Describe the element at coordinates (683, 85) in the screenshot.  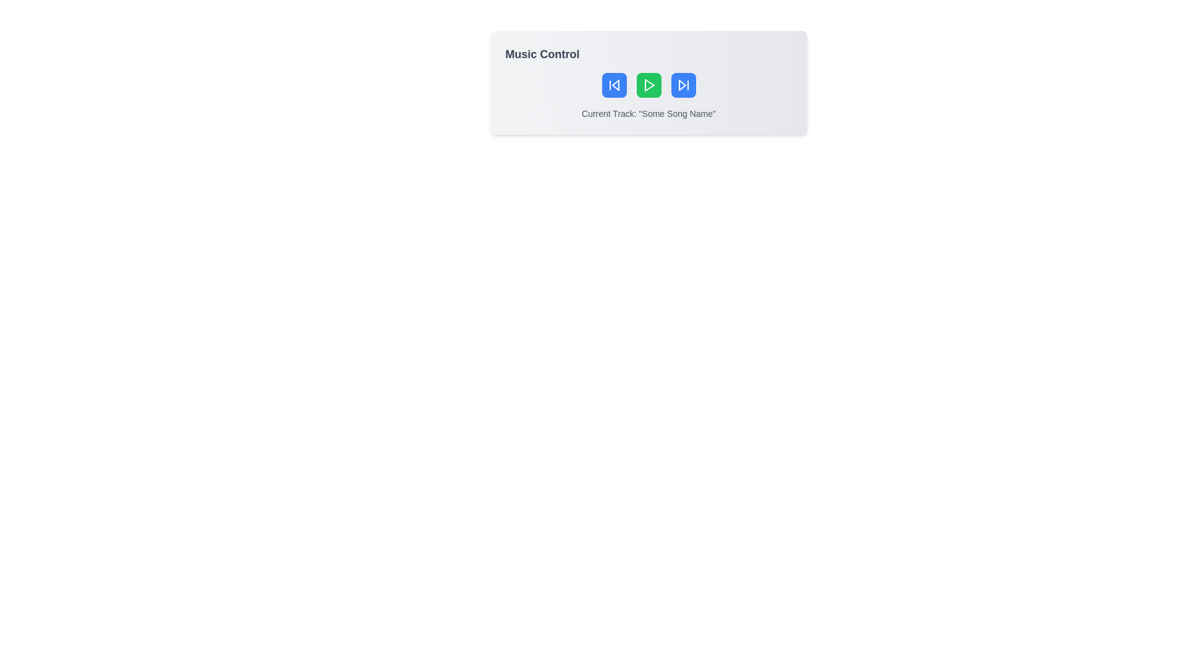
I see `the Icon button to skip forward to the next track in the music playlist, which is the third button from the left in the Music Control section` at that location.